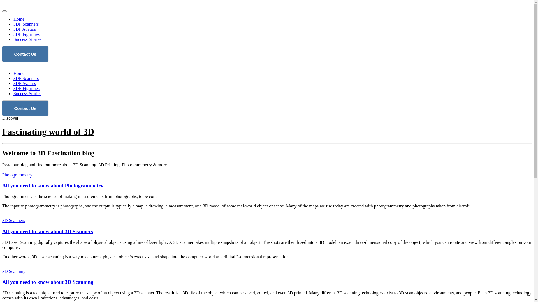 The width and height of the screenshot is (538, 302). What do you see at coordinates (19, 19) in the screenshot?
I see `'Home'` at bounding box center [19, 19].